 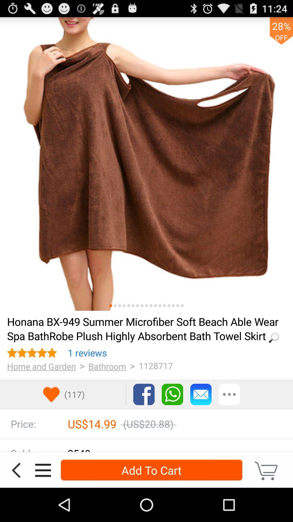 What do you see at coordinates (87, 353) in the screenshot?
I see `the icon next to the > item` at bounding box center [87, 353].